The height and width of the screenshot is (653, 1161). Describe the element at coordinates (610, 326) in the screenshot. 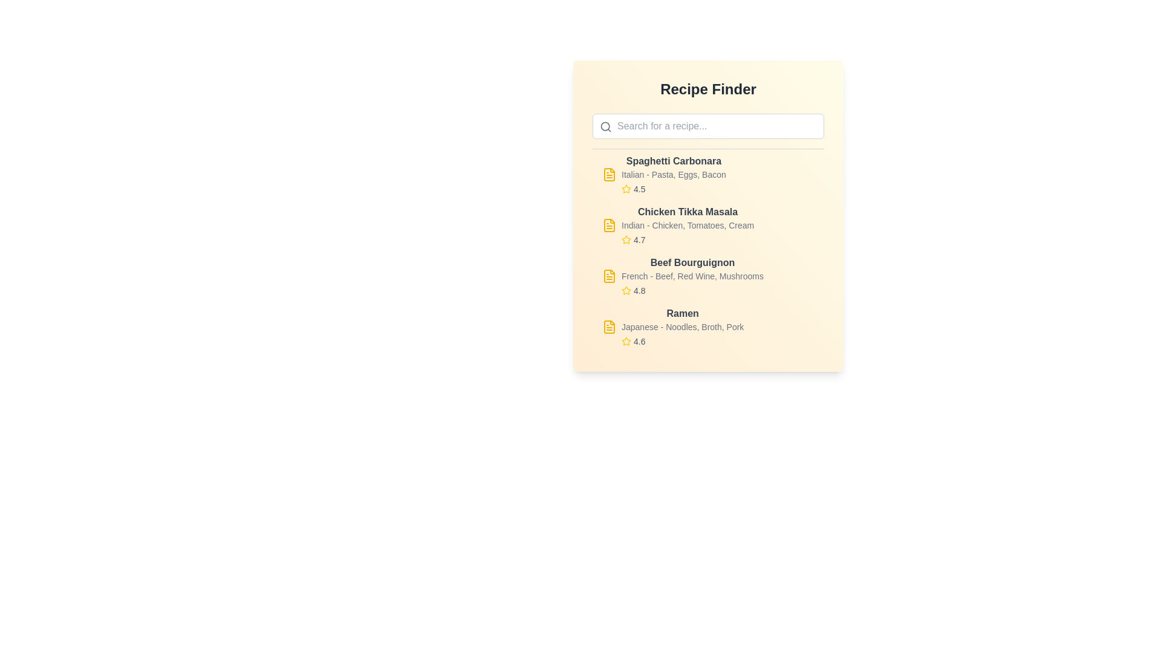

I see `the yellow file document icon located to the immediate left of the 'Ramen' text to acknowledge its symbolic meaning` at that location.